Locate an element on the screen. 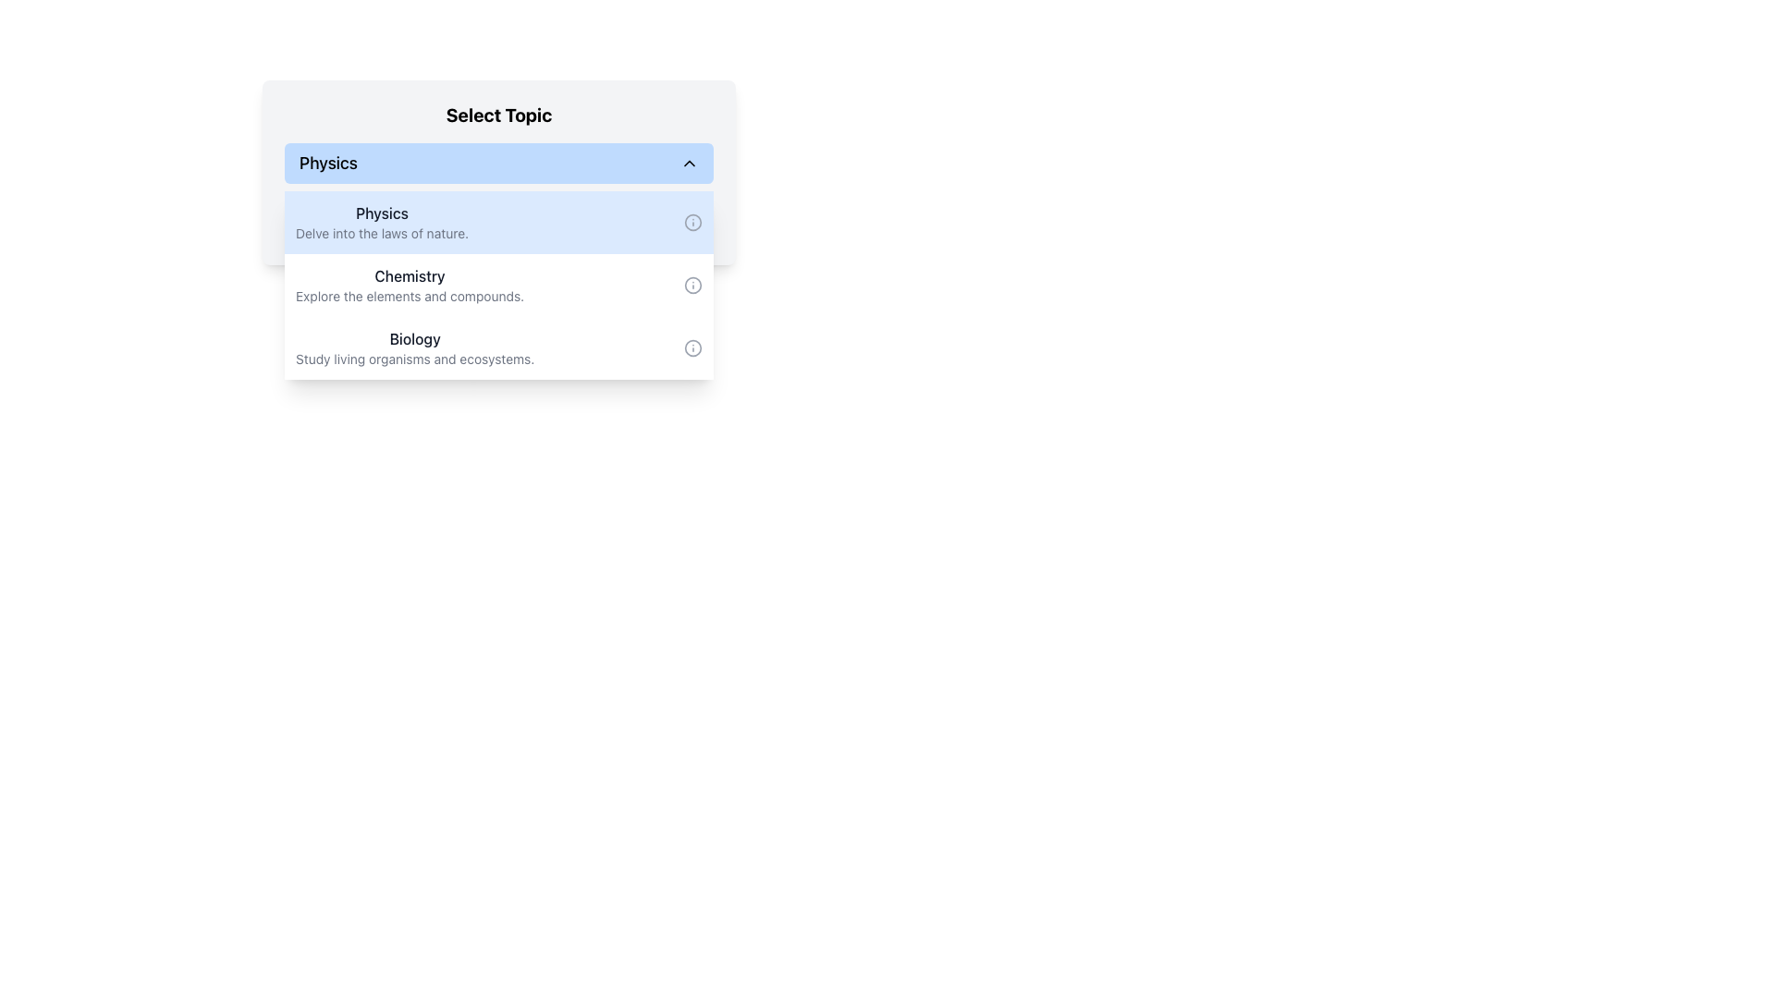 The image size is (1775, 998). the text element that reads 'Explore the elements and compounds.' located under the 'Chemistry' heading in the dropdown list of the 'Select Topic' section is located at coordinates (409, 295).